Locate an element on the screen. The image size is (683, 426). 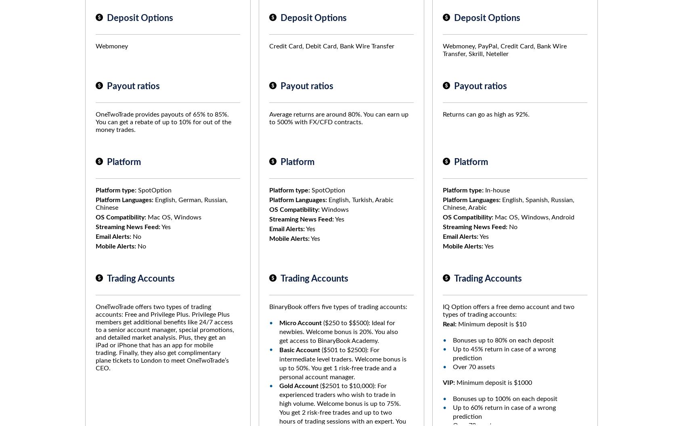
'($501 to $2500): For intermediate level traders. Welcome bonus is up to 50%. You get 1 risk-free trade and a personal account manager.' is located at coordinates (342, 363).